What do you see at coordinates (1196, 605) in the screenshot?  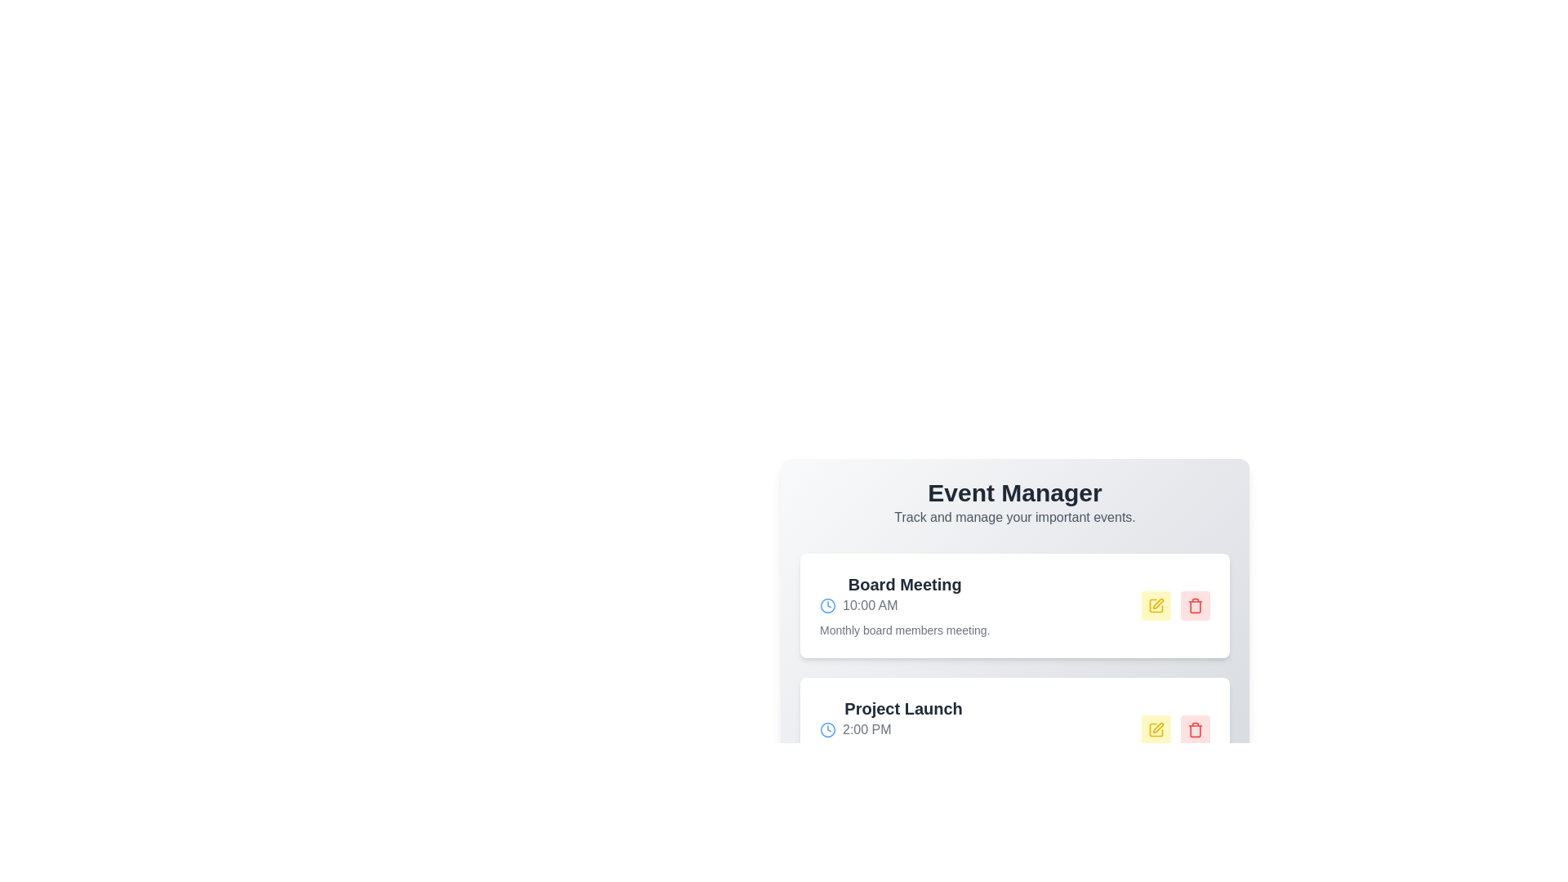 I see `delete button for the event titled 'Board Meeting'` at bounding box center [1196, 605].